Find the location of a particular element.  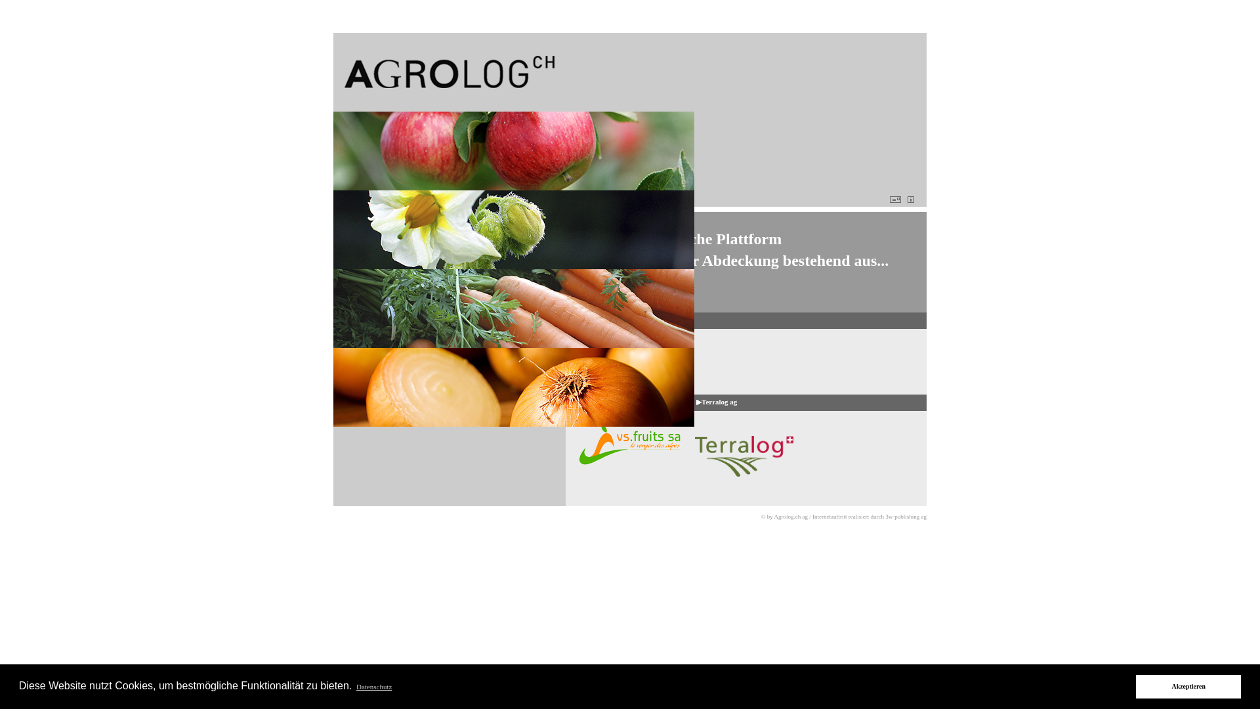

'3w-publishing ag' is located at coordinates (905, 515).